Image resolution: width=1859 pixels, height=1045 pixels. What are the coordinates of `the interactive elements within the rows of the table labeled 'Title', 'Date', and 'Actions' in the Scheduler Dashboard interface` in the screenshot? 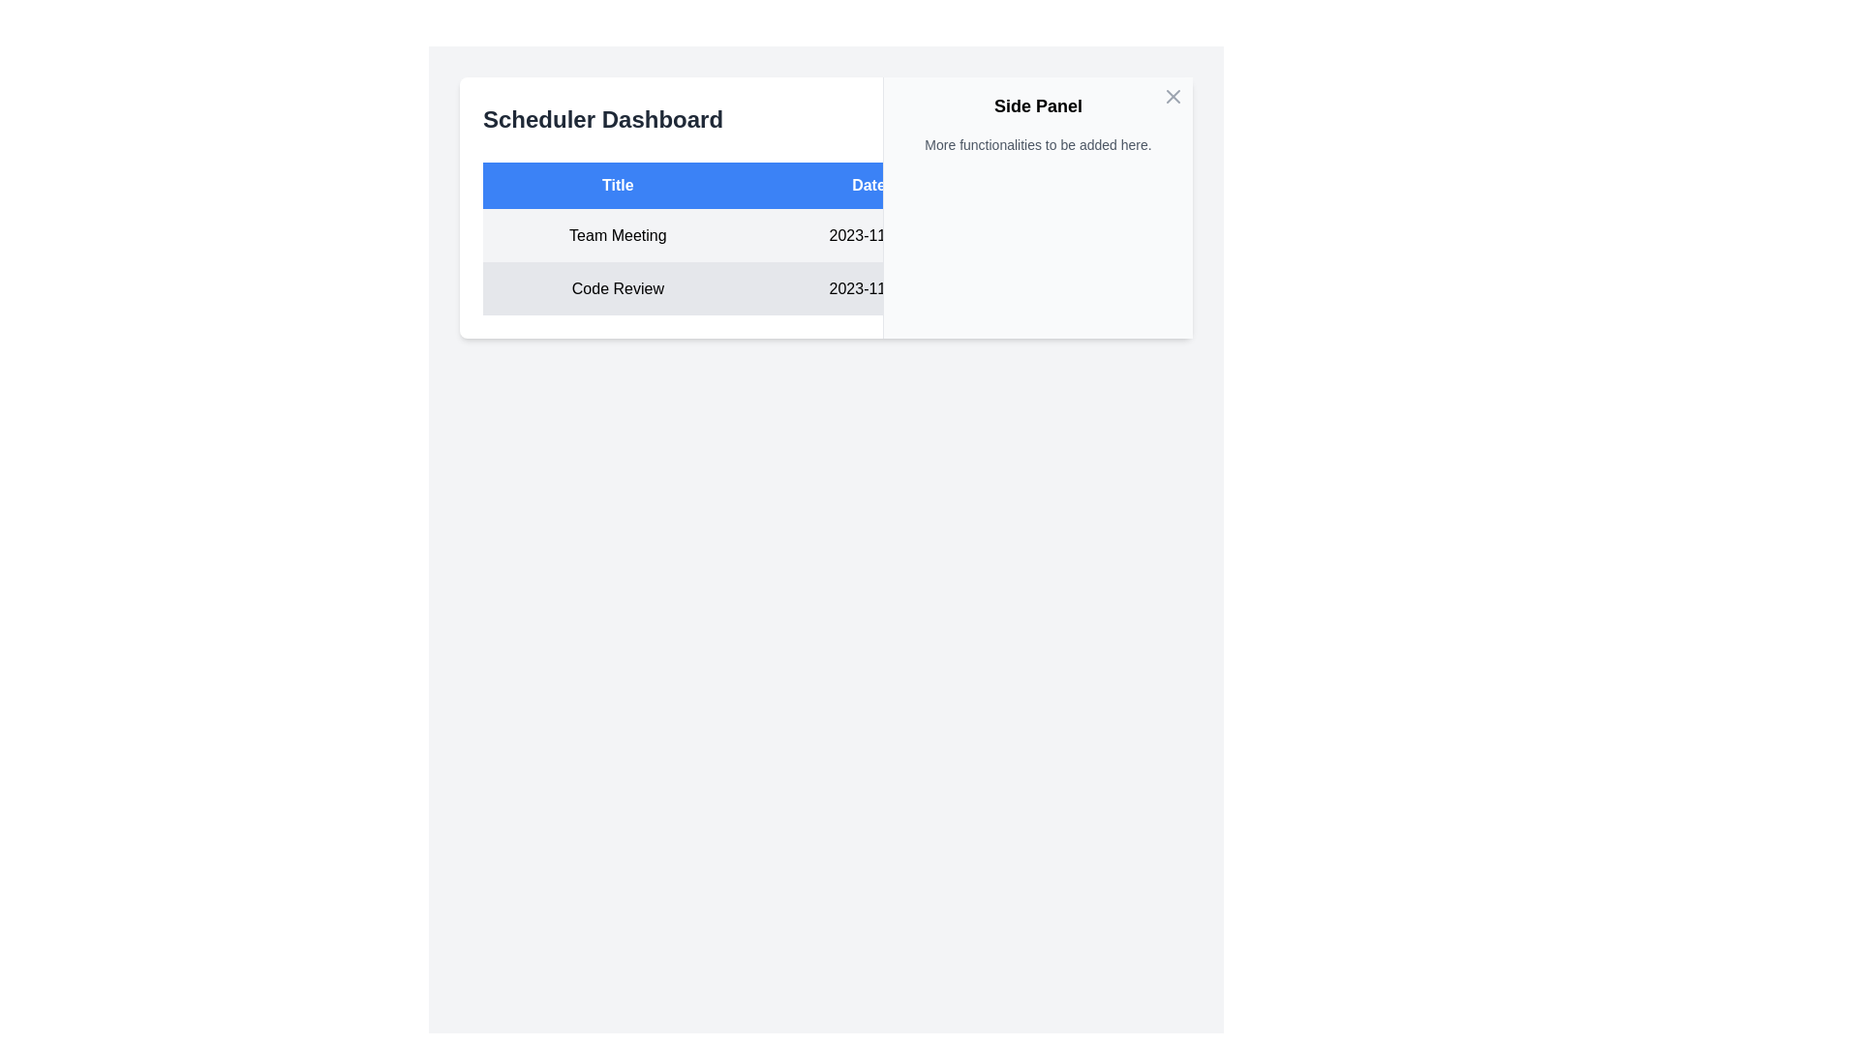 It's located at (826, 237).